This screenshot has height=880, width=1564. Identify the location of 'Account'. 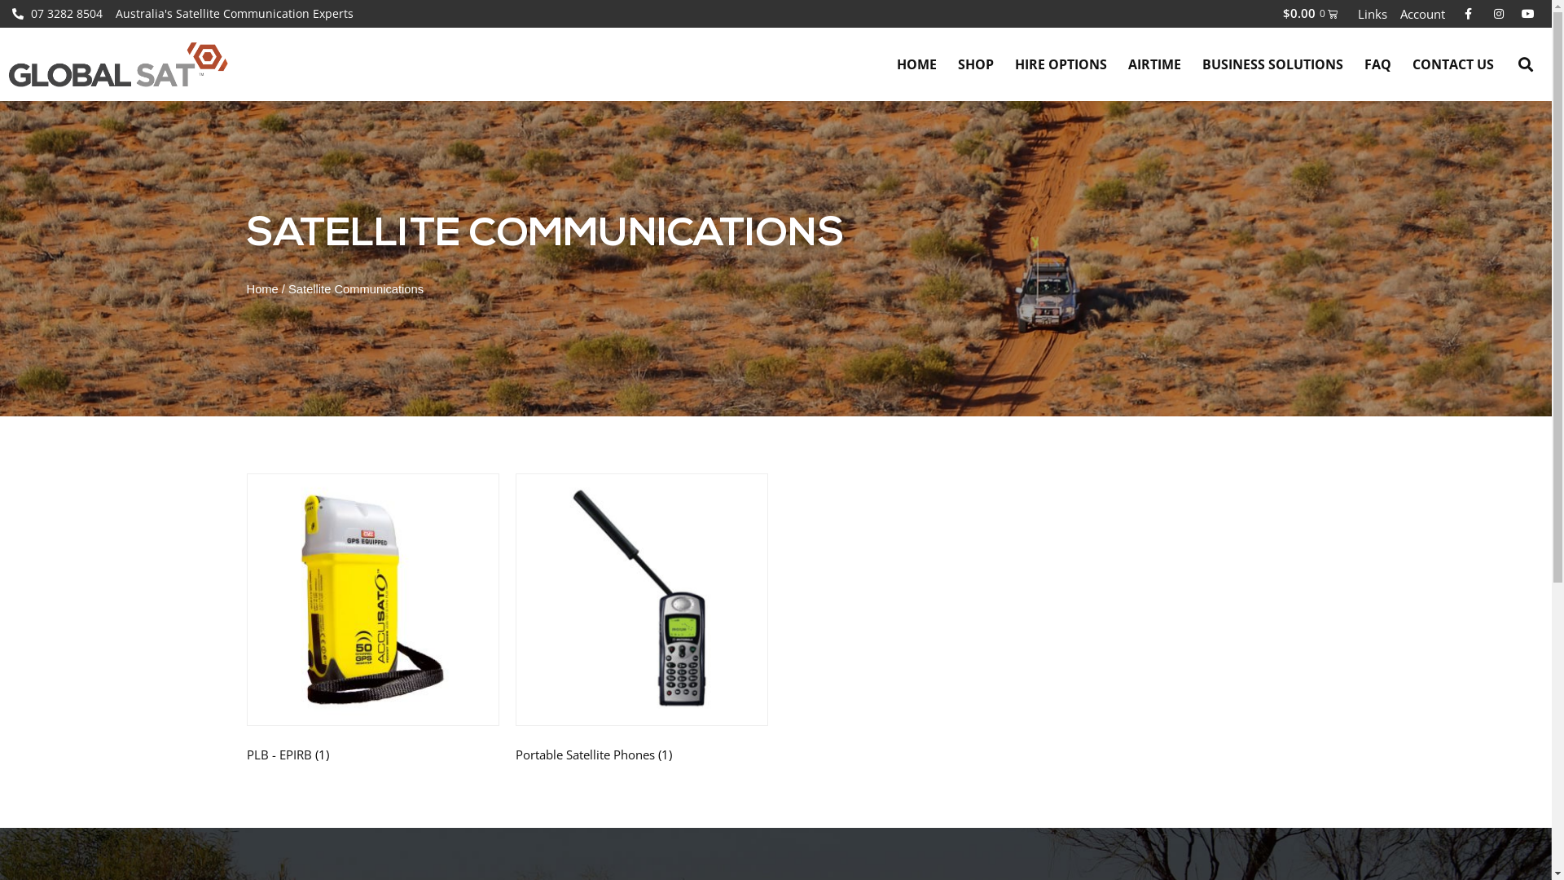
(1421, 13).